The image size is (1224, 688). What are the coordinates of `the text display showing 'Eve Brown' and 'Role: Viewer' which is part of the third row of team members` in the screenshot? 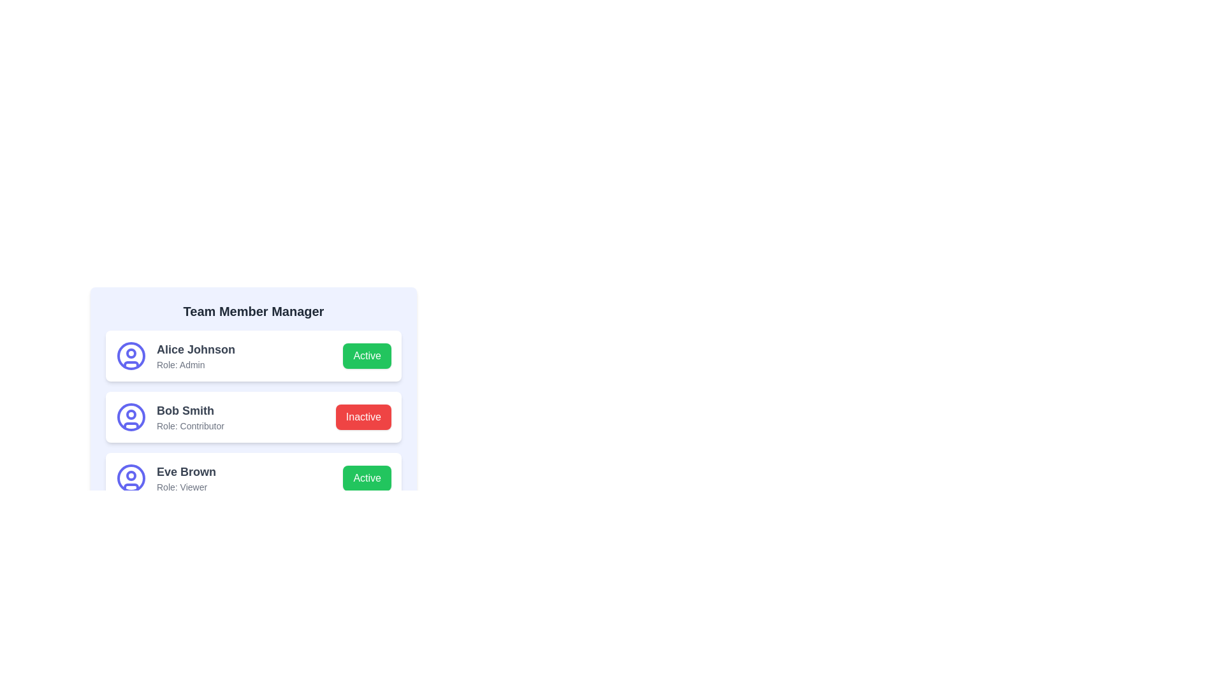 It's located at (186, 478).